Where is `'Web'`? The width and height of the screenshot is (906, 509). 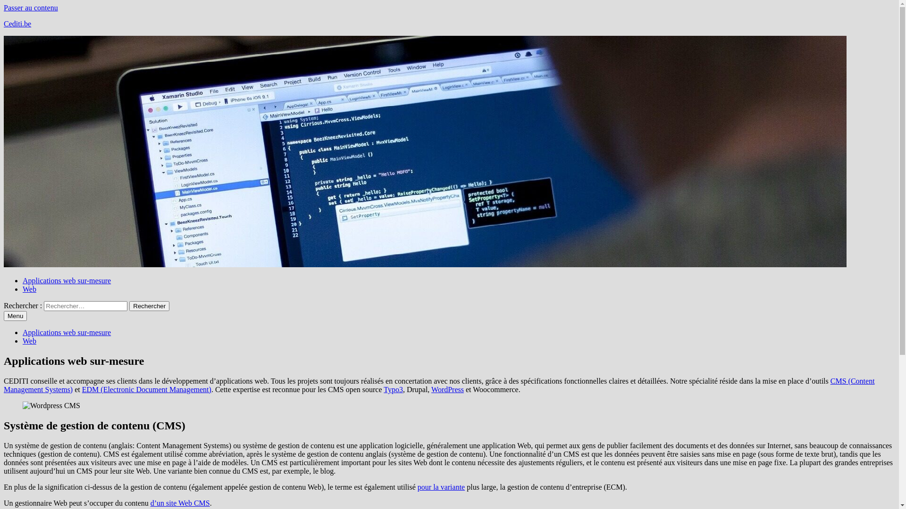 'Web' is located at coordinates (29, 341).